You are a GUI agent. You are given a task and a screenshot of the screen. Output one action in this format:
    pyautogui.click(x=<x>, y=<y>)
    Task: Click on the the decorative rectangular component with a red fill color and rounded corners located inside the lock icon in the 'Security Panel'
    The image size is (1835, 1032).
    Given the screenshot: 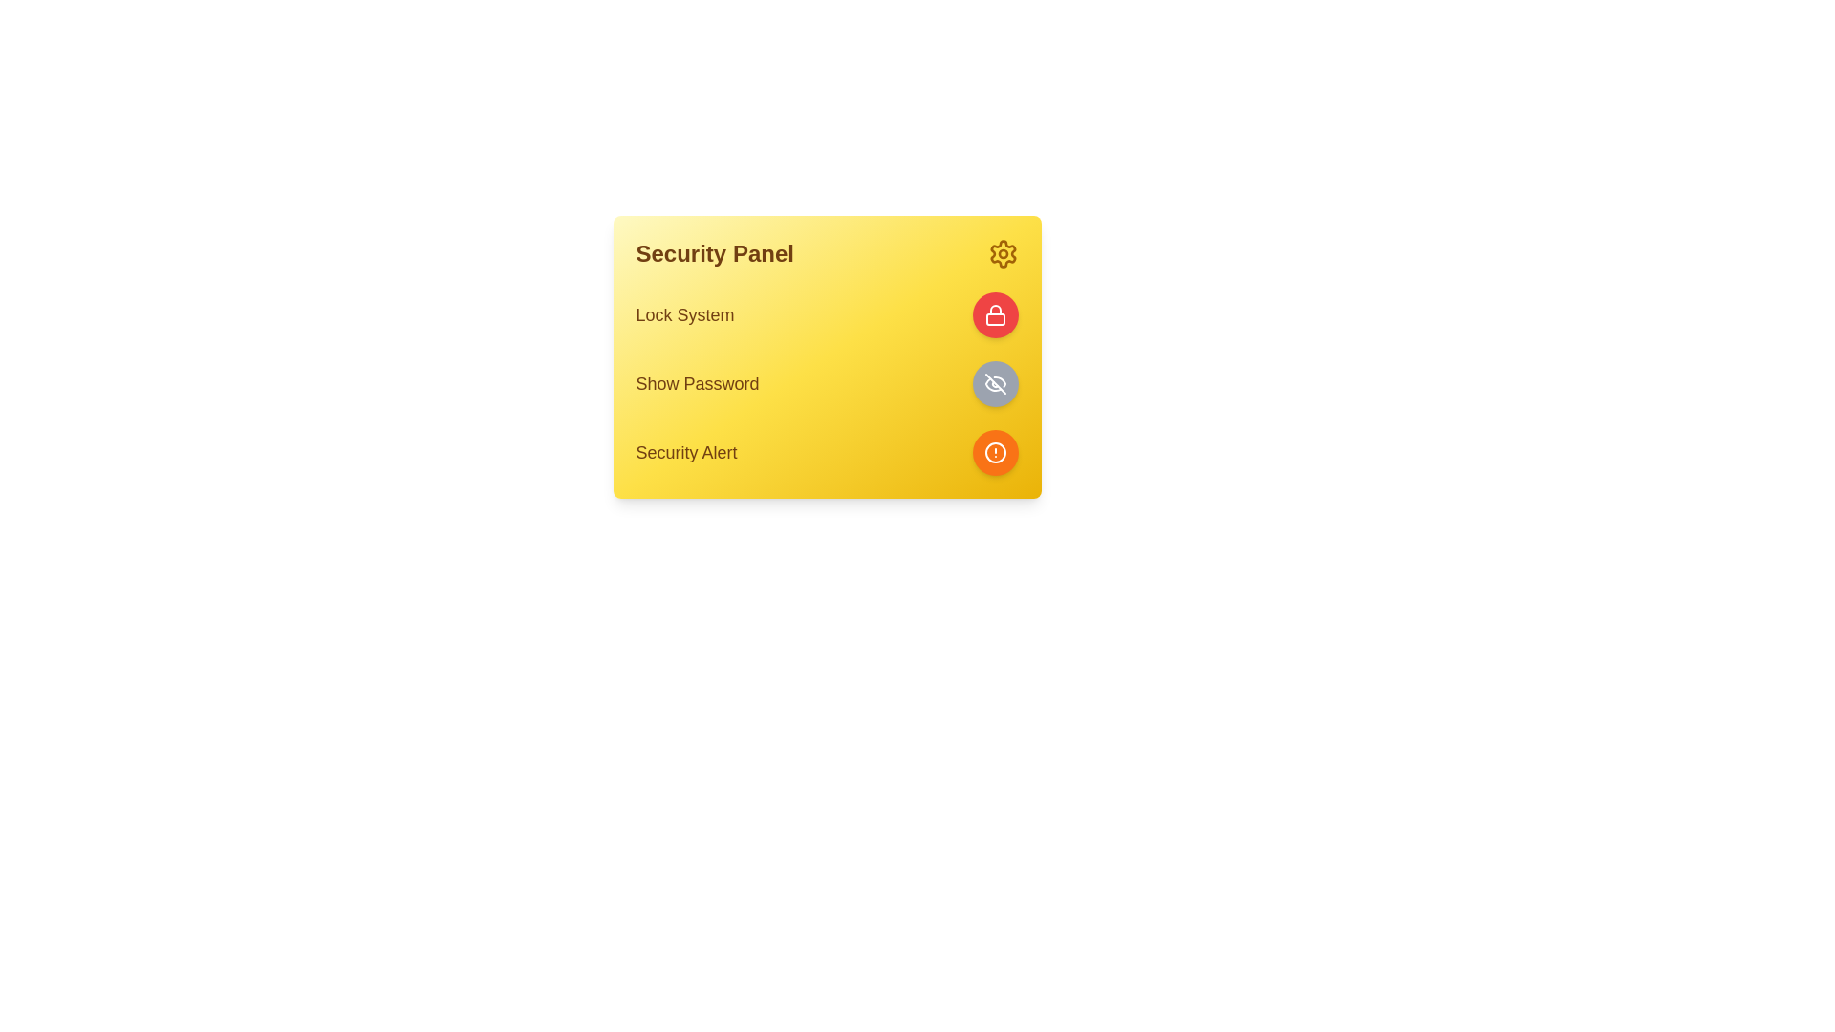 What is the action you would take?
    pyautogui.click(x=994, y=318)
    